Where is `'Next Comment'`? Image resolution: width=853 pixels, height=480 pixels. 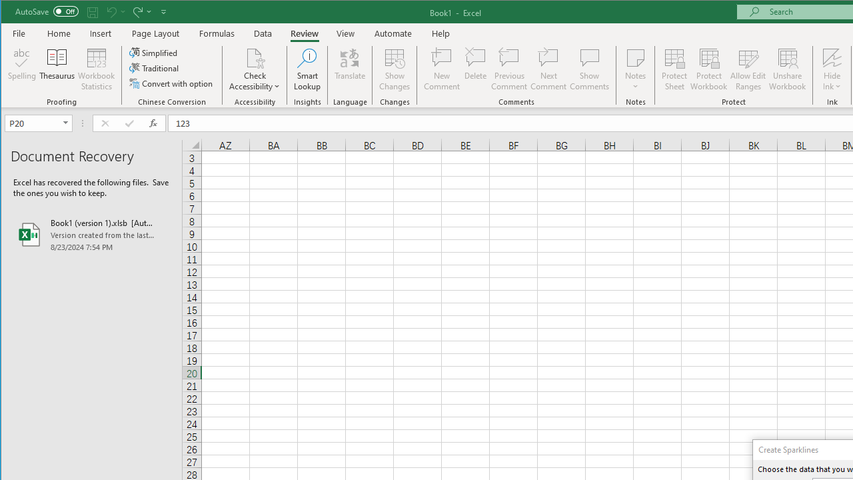
'Next Comment' is located at coordinates (548, 69).